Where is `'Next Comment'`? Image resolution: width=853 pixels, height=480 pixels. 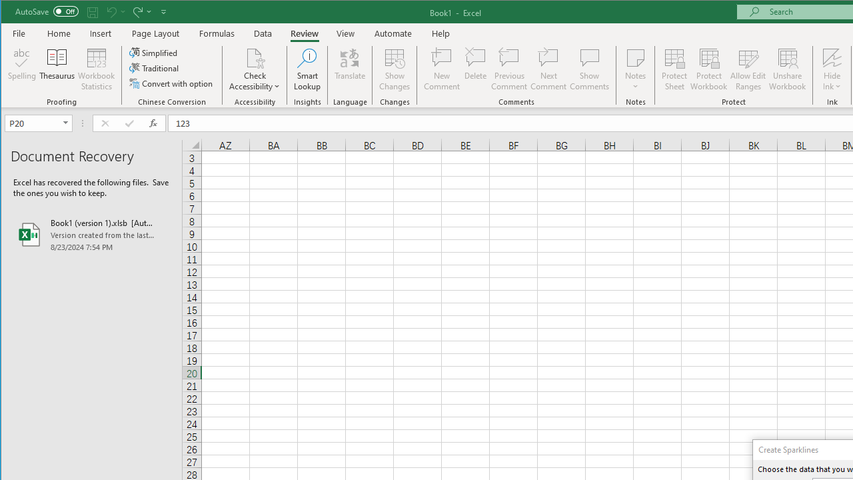
'Next Comment' is located at coordinates (548, 69).